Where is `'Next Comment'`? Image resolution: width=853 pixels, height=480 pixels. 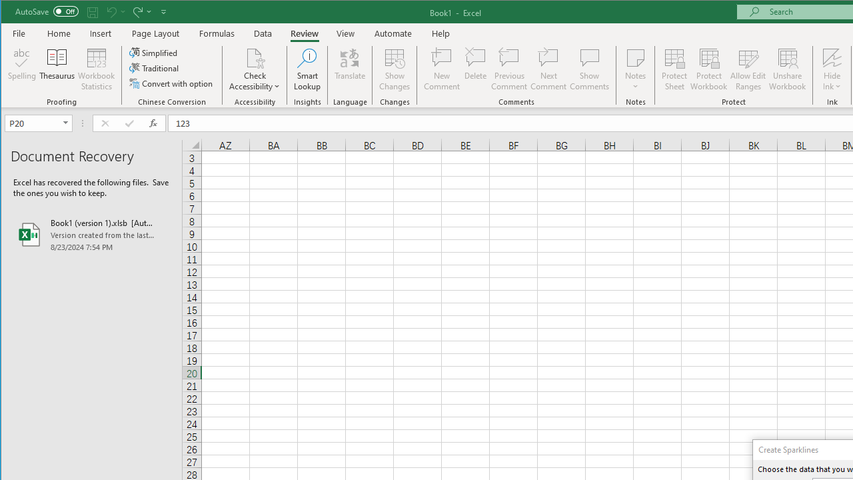
'Next Comment' is located at coordinates (548, 69).